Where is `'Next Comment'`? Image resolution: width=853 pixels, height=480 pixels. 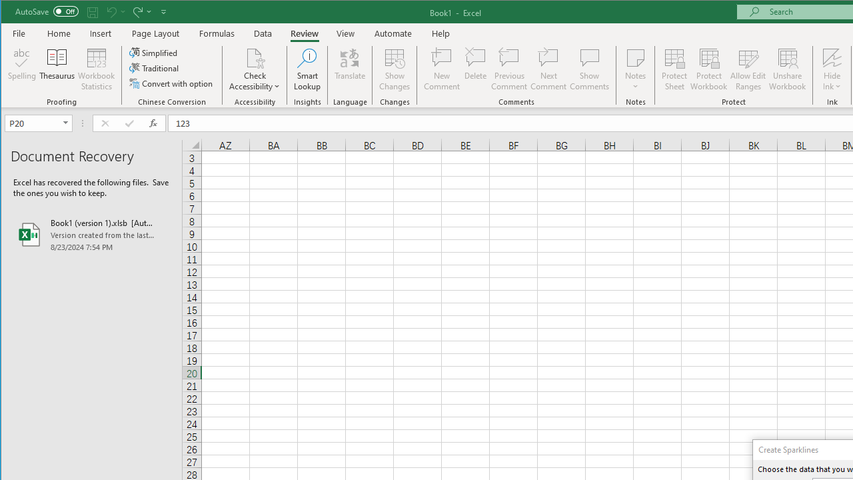
'Next Comment' is located at coordinates (548, 69).